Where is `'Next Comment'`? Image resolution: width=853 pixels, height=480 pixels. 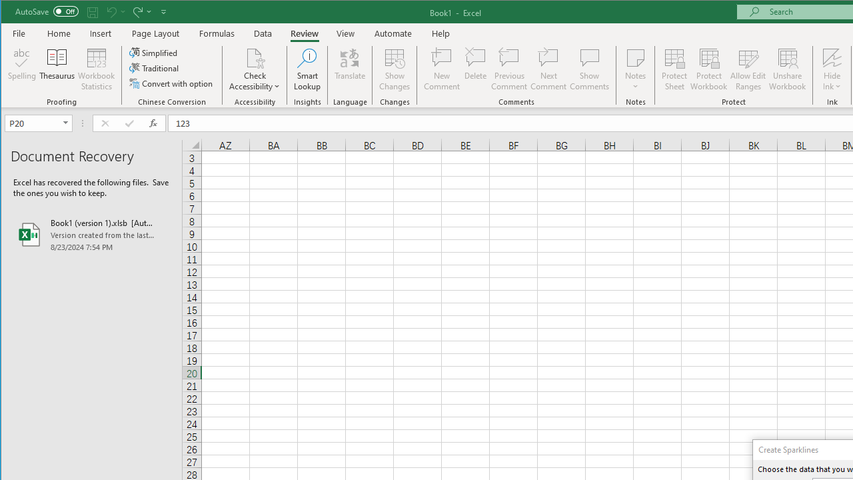
'Next Comment' is located at coordinates (548, 69).